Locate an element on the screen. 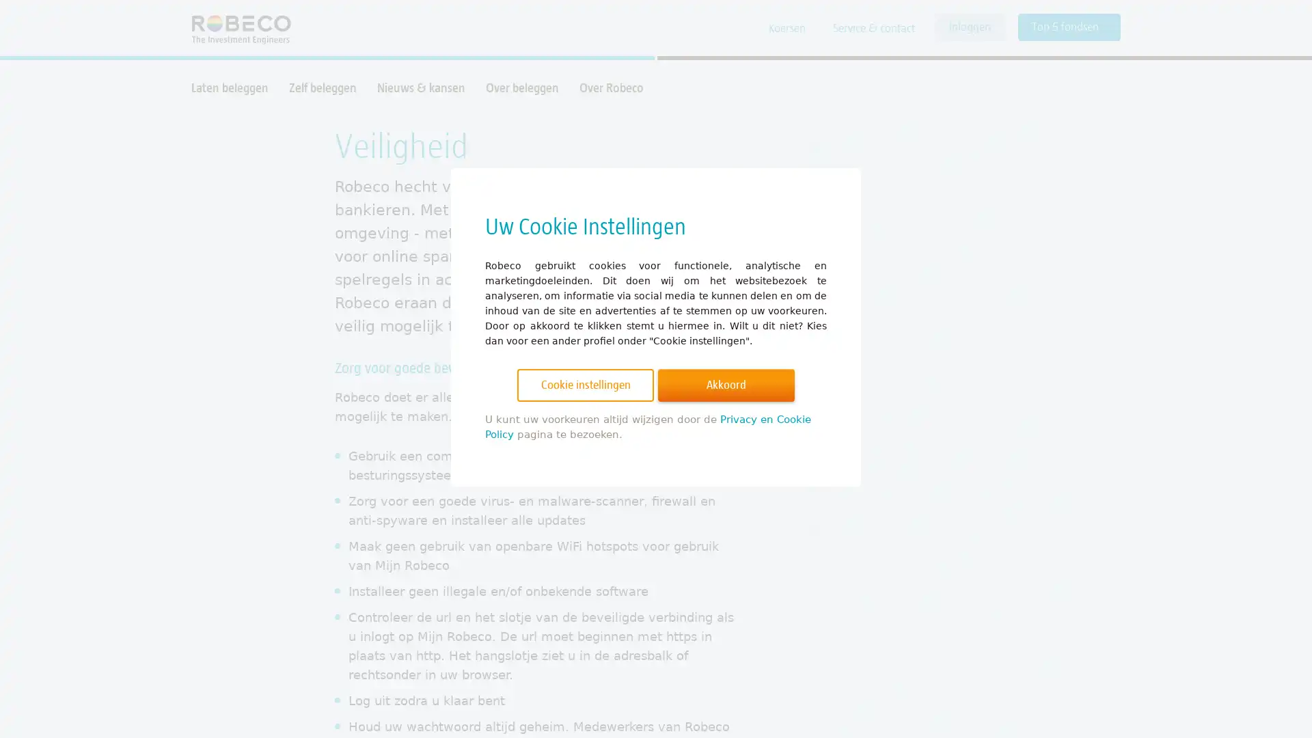 The width and height of the screenshot is (1312, 738). Laten beleggen is located at coordinates (230, 87).